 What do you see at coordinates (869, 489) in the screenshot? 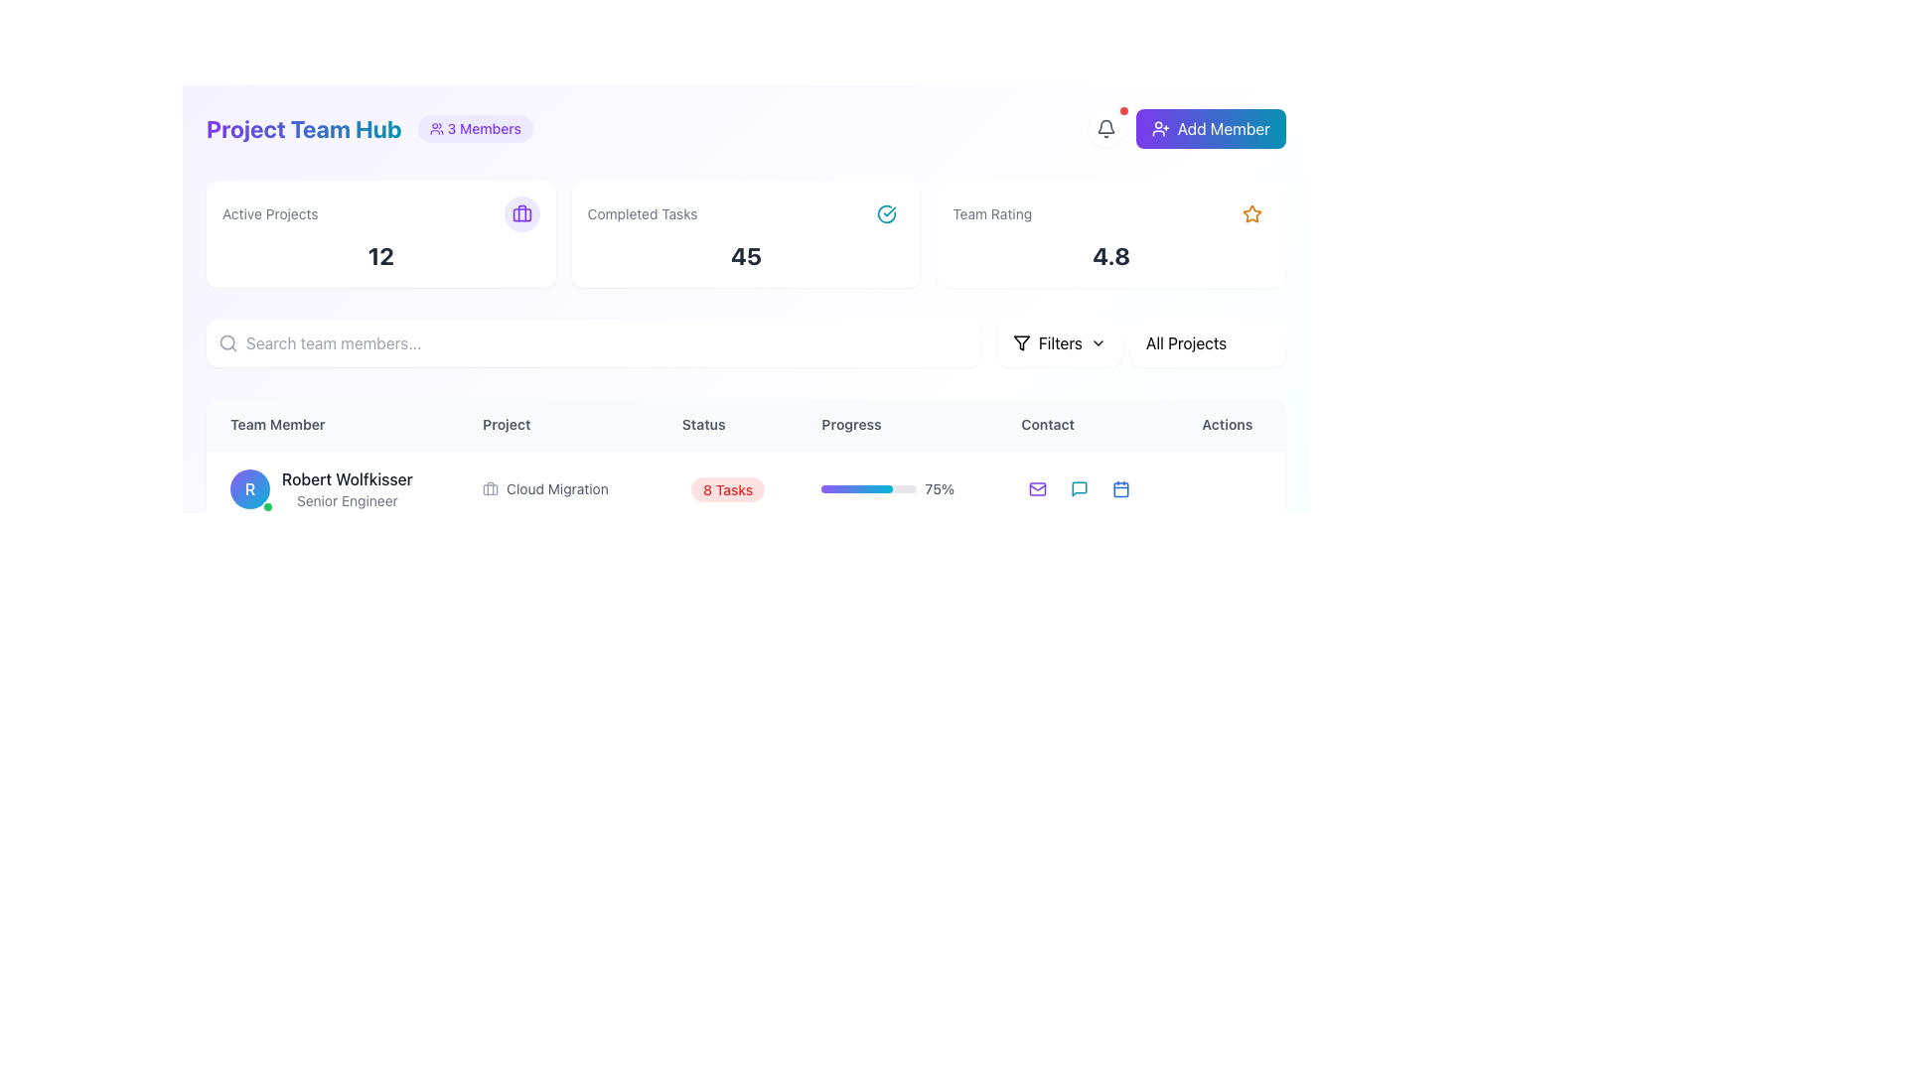
I see `the Progress Bar element which visually represents 75% completion, located in the Progress column adjacent to the text '75%' and aligned with the 'Cloud Migration' row` at bounding box center [869, 489].